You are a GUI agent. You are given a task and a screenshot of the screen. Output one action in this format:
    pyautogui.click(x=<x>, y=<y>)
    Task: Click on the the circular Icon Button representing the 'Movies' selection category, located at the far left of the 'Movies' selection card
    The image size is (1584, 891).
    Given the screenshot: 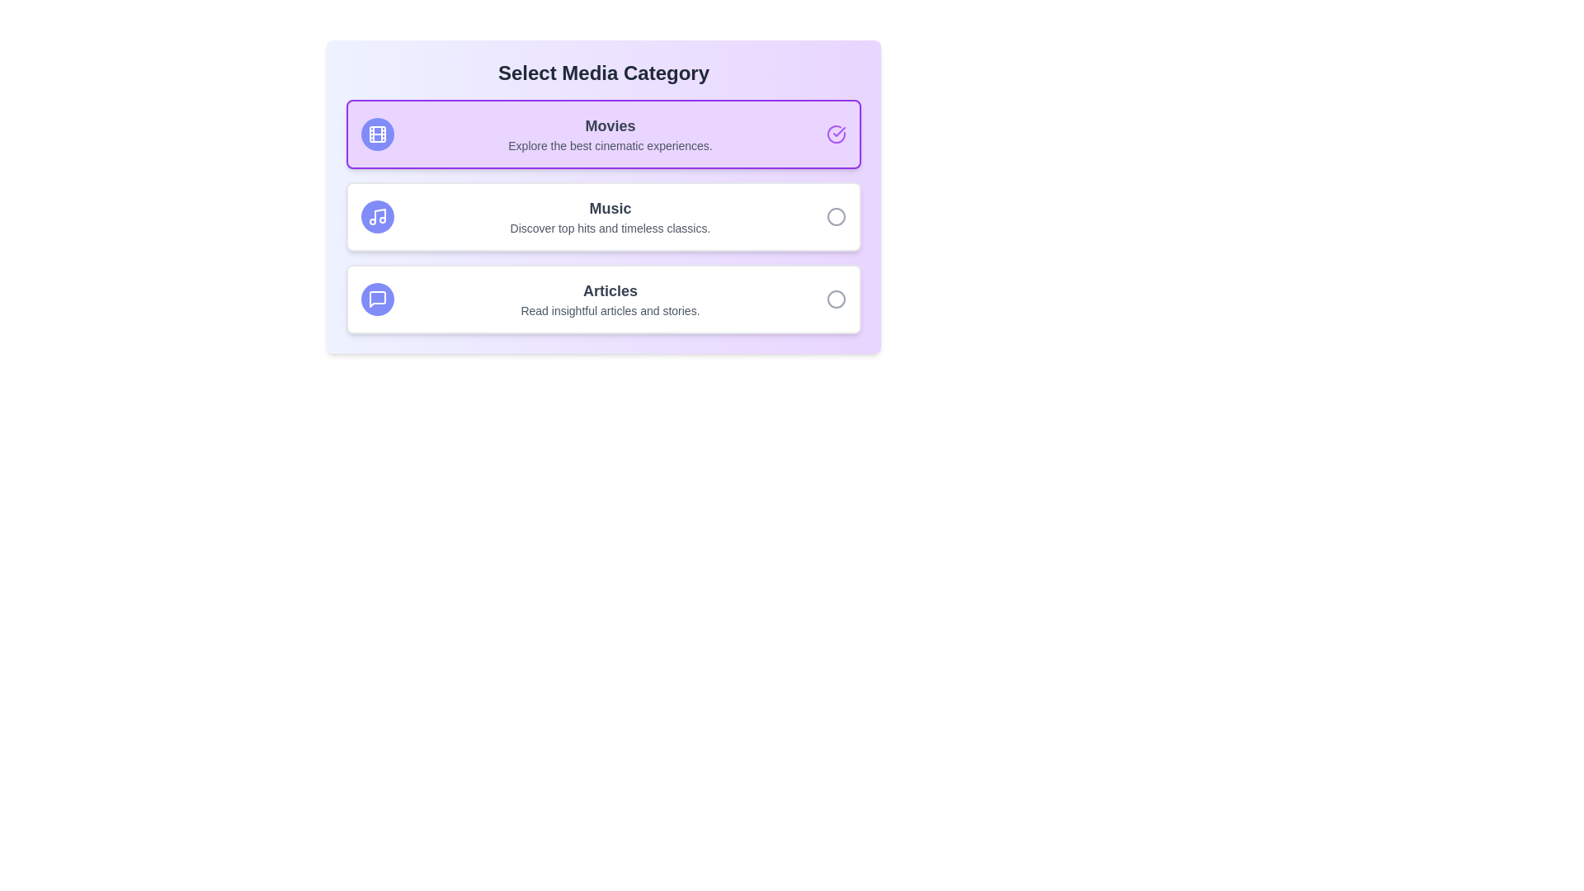 What is the action you would take?
    pyautogui.click(x=376, y=133)
    